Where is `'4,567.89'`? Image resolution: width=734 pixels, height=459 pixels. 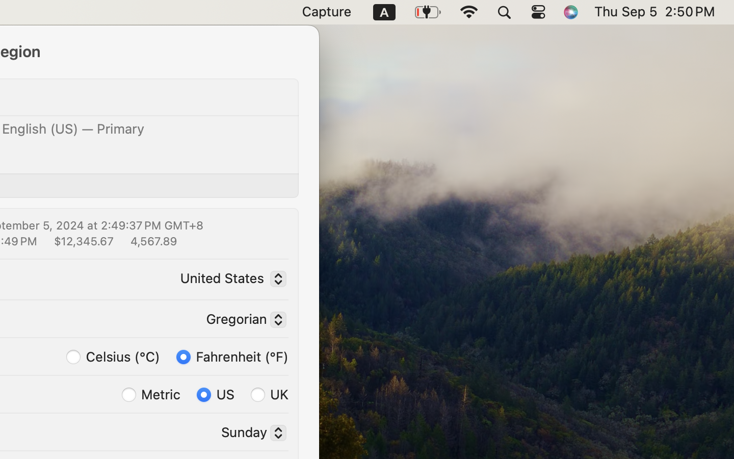
'4,567.89' is located at coordinates (152, 240).